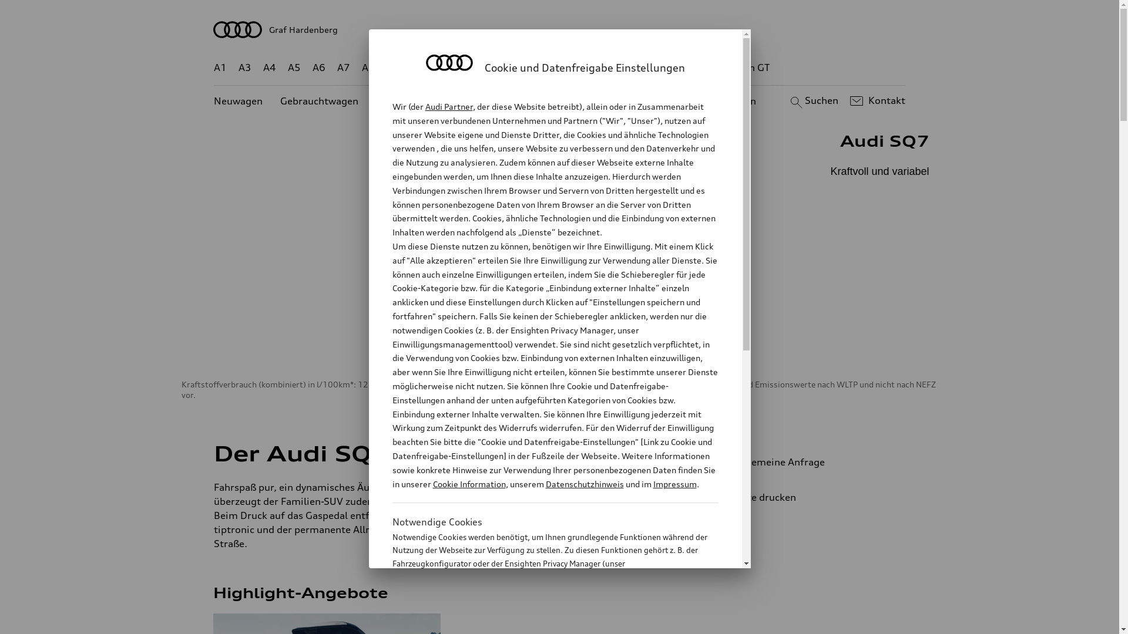 Image resolution: width=1128 pixels, height=634 pixels. Describe the element at coordinates (726, 68) in the screenshot. I see `'e-tron GT'` at that location.